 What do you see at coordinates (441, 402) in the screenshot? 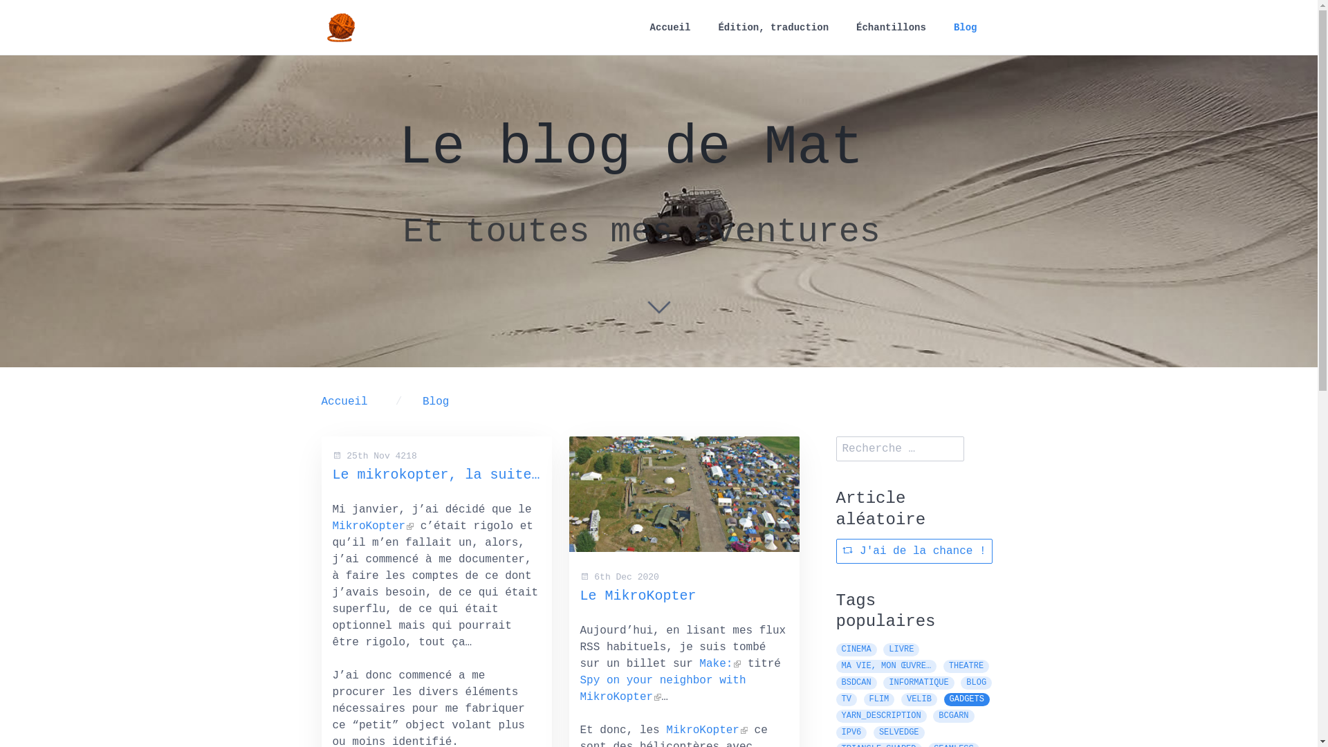
I see `'Blog'` at bounding box center [441, 402].